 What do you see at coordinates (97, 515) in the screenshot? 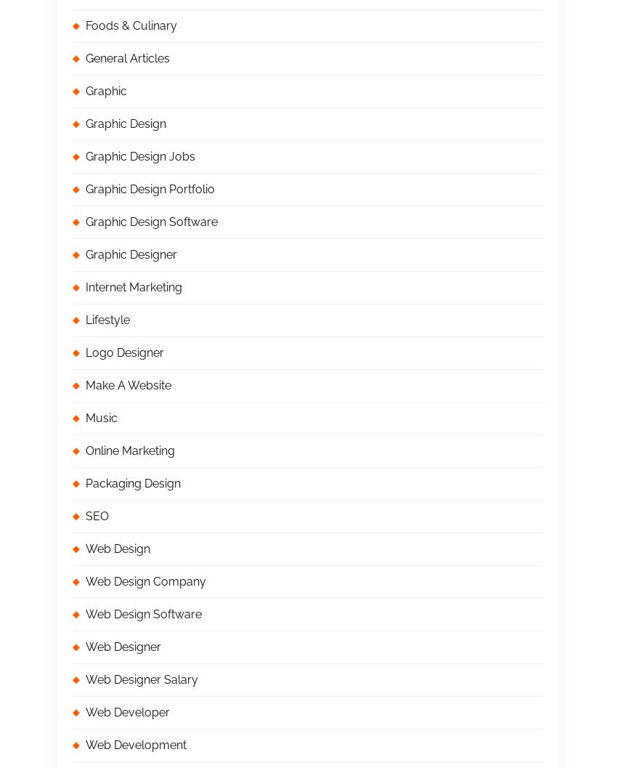
I see `'SEO'` at bounding box center [97, 515].